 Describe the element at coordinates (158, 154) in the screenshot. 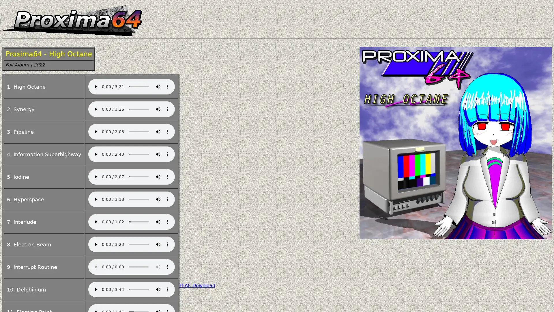

I see `mute` at that location.